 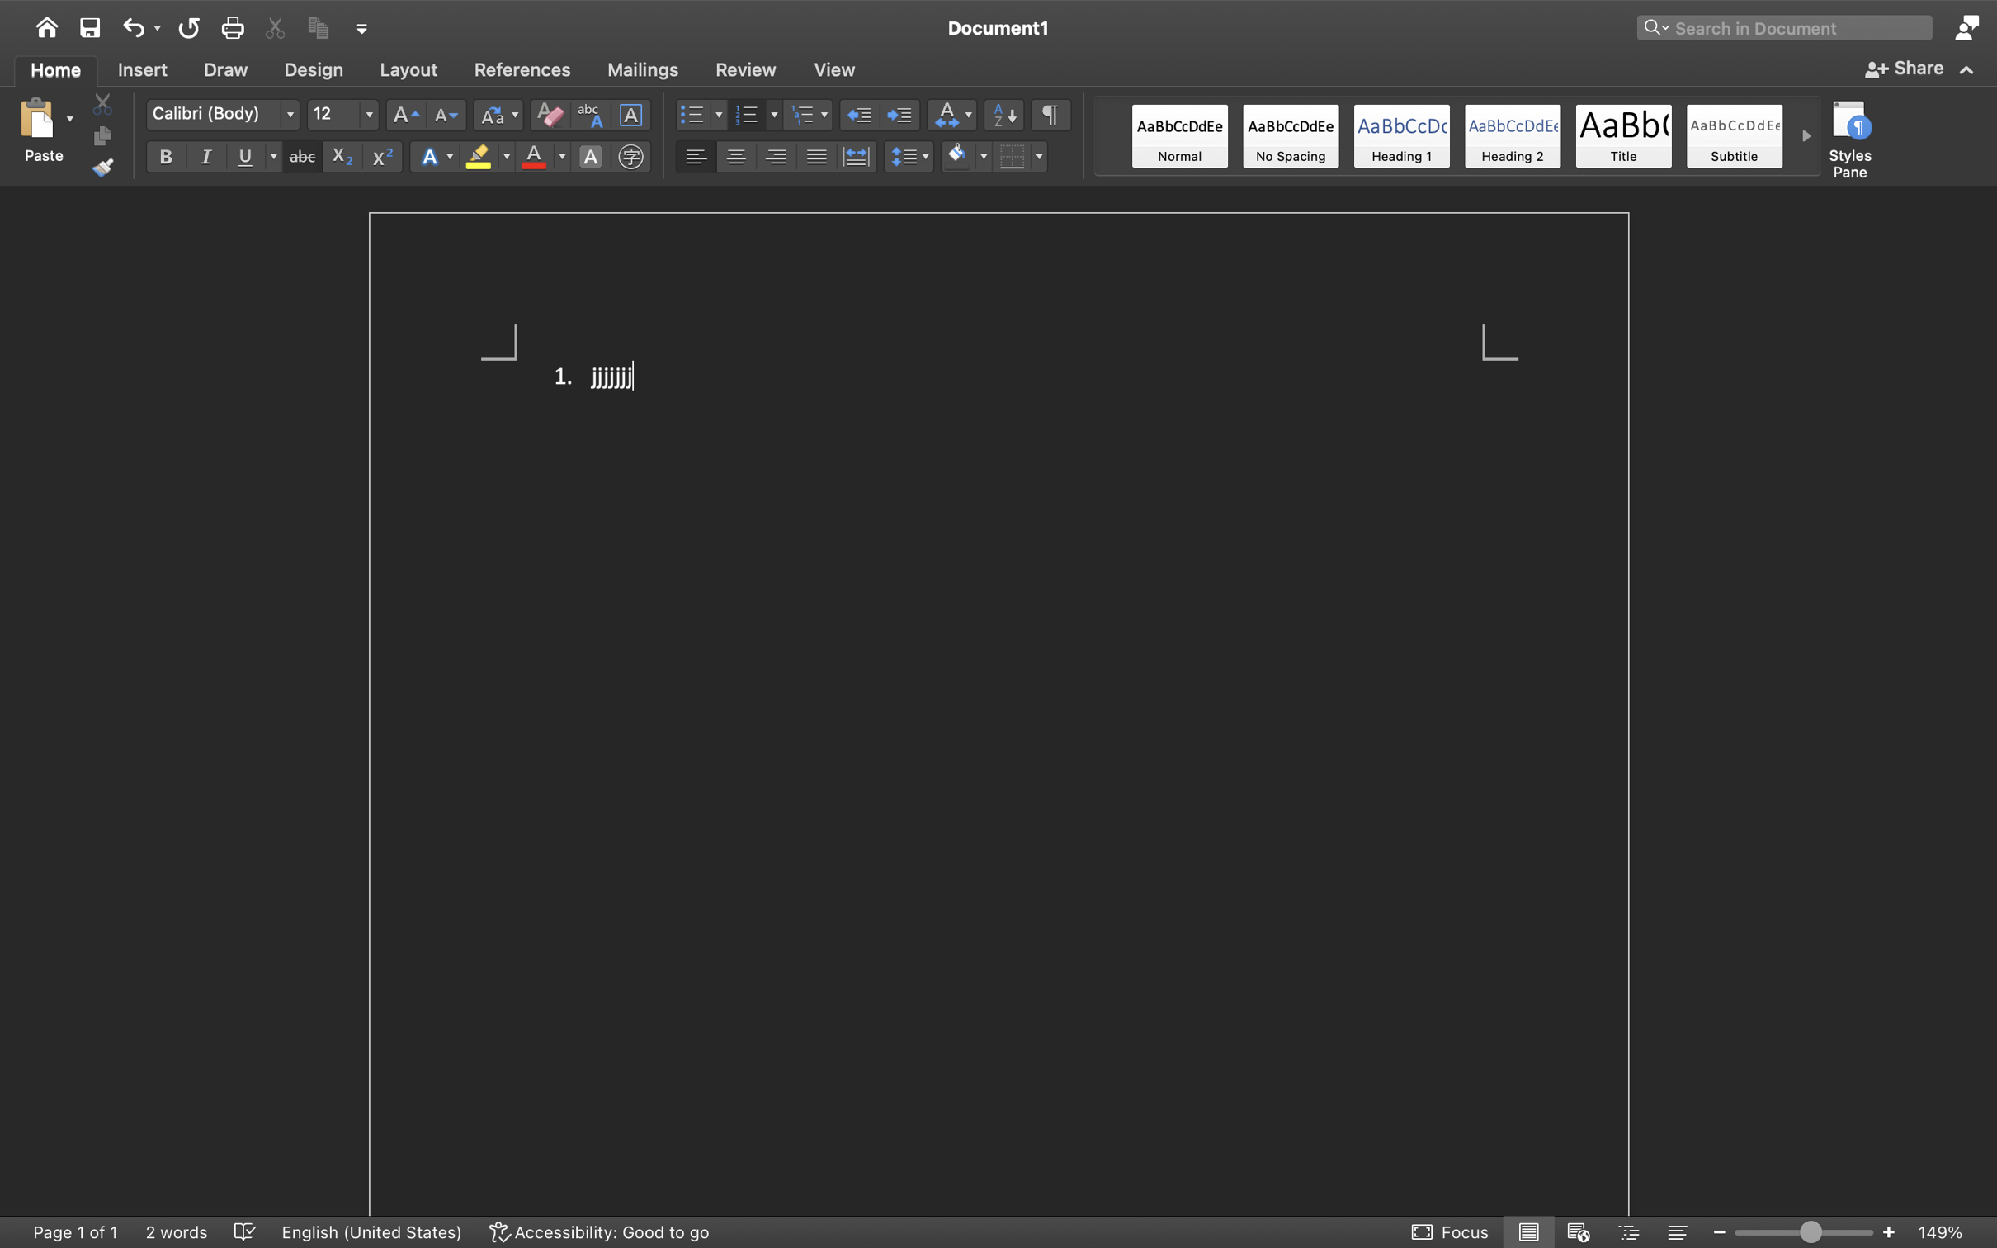 What do you see at coordinates (342, 115) in the screenshot?
I see `'12'` at bounding box center [342, 115].